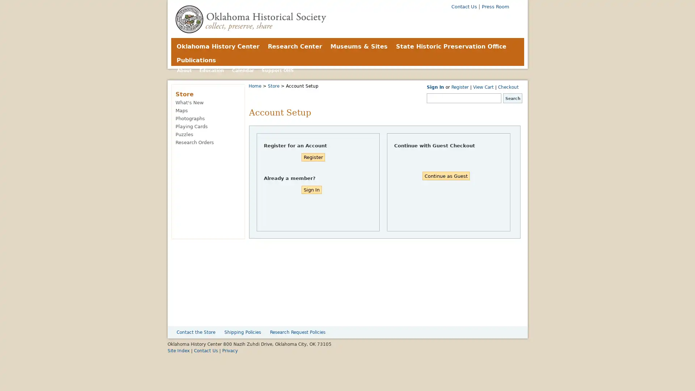 The height and width of the screenshot is (391, 695). Describe the element at coordinates (313, 157) in the screenshot. I see `Register` at that location.